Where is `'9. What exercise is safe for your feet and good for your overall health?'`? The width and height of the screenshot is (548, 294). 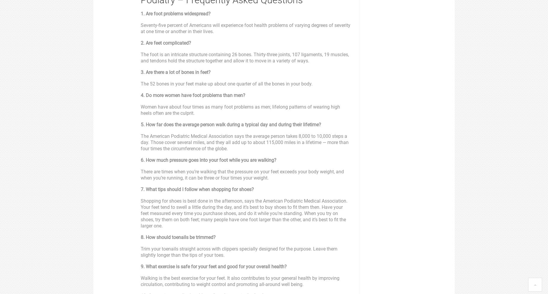
'9. What exercise is safe for your feet and good for your overall health?' is located at coordinates (214, 266).